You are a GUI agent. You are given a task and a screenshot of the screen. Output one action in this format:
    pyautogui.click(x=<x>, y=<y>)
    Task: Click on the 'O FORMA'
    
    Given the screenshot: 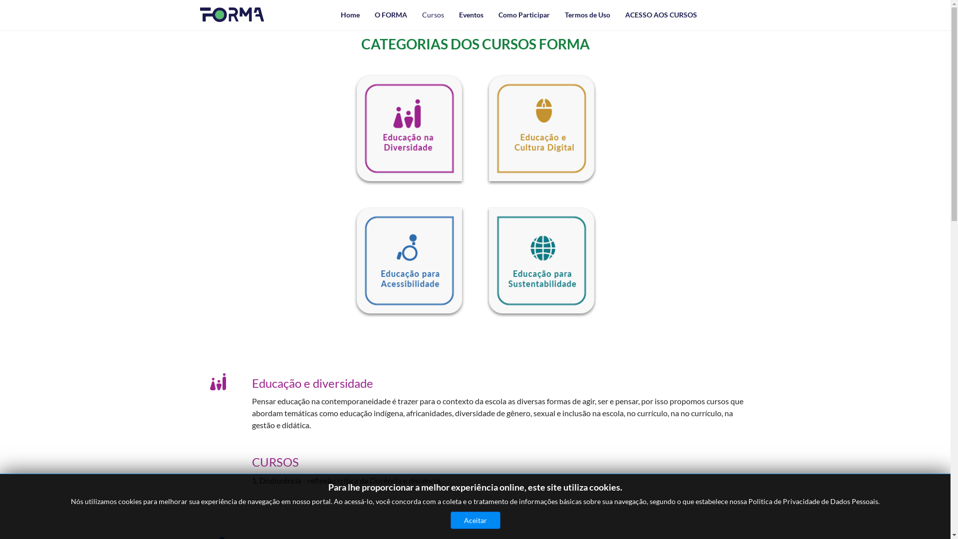 What is the action you would take?
    pyautogui.click(x=390, y=15)
    